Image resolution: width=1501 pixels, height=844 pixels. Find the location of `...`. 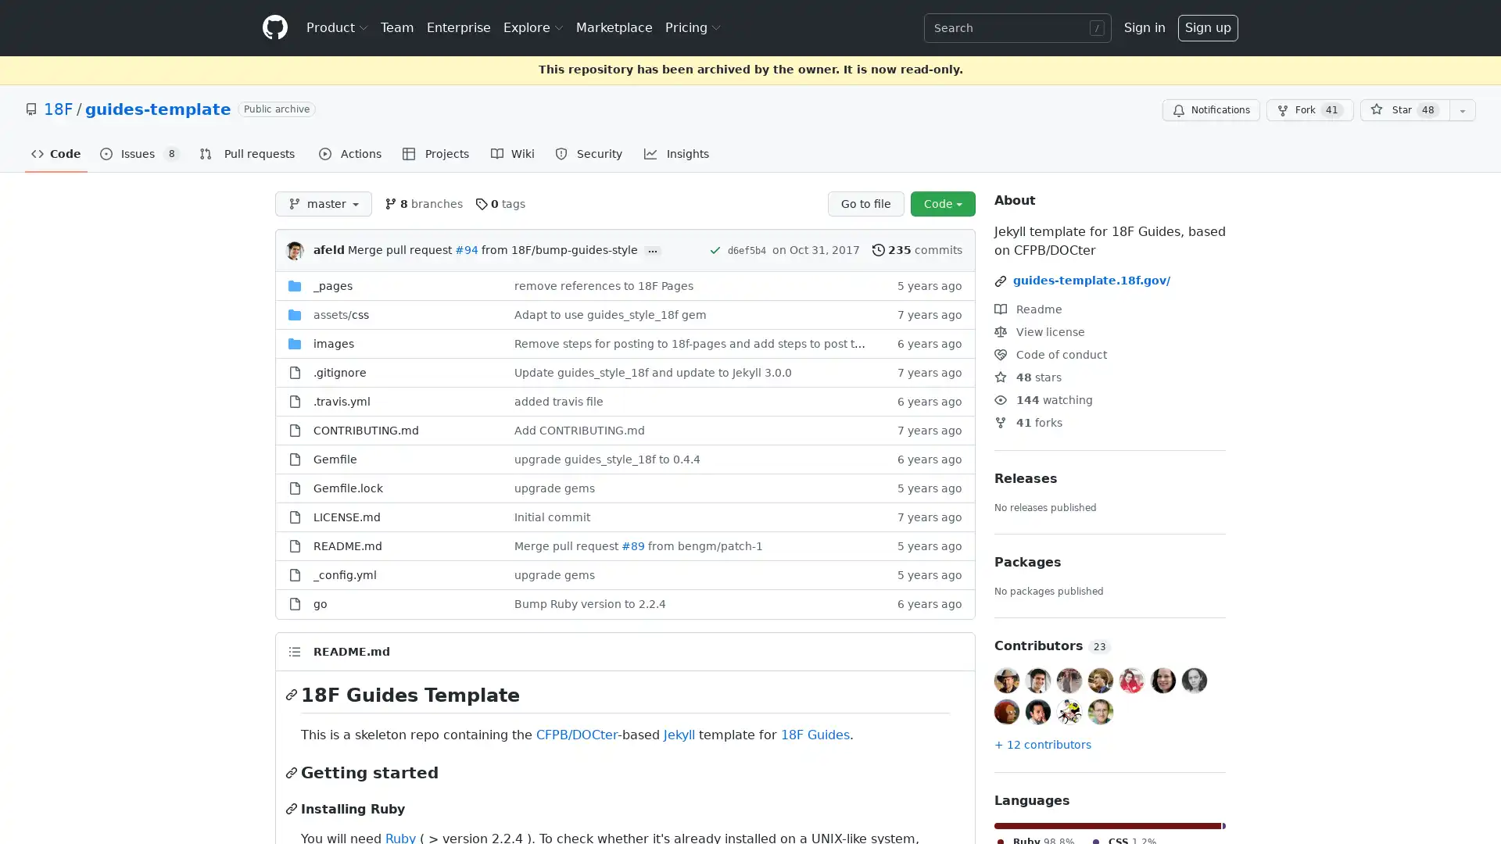

... is located at coordinates (653, 249).